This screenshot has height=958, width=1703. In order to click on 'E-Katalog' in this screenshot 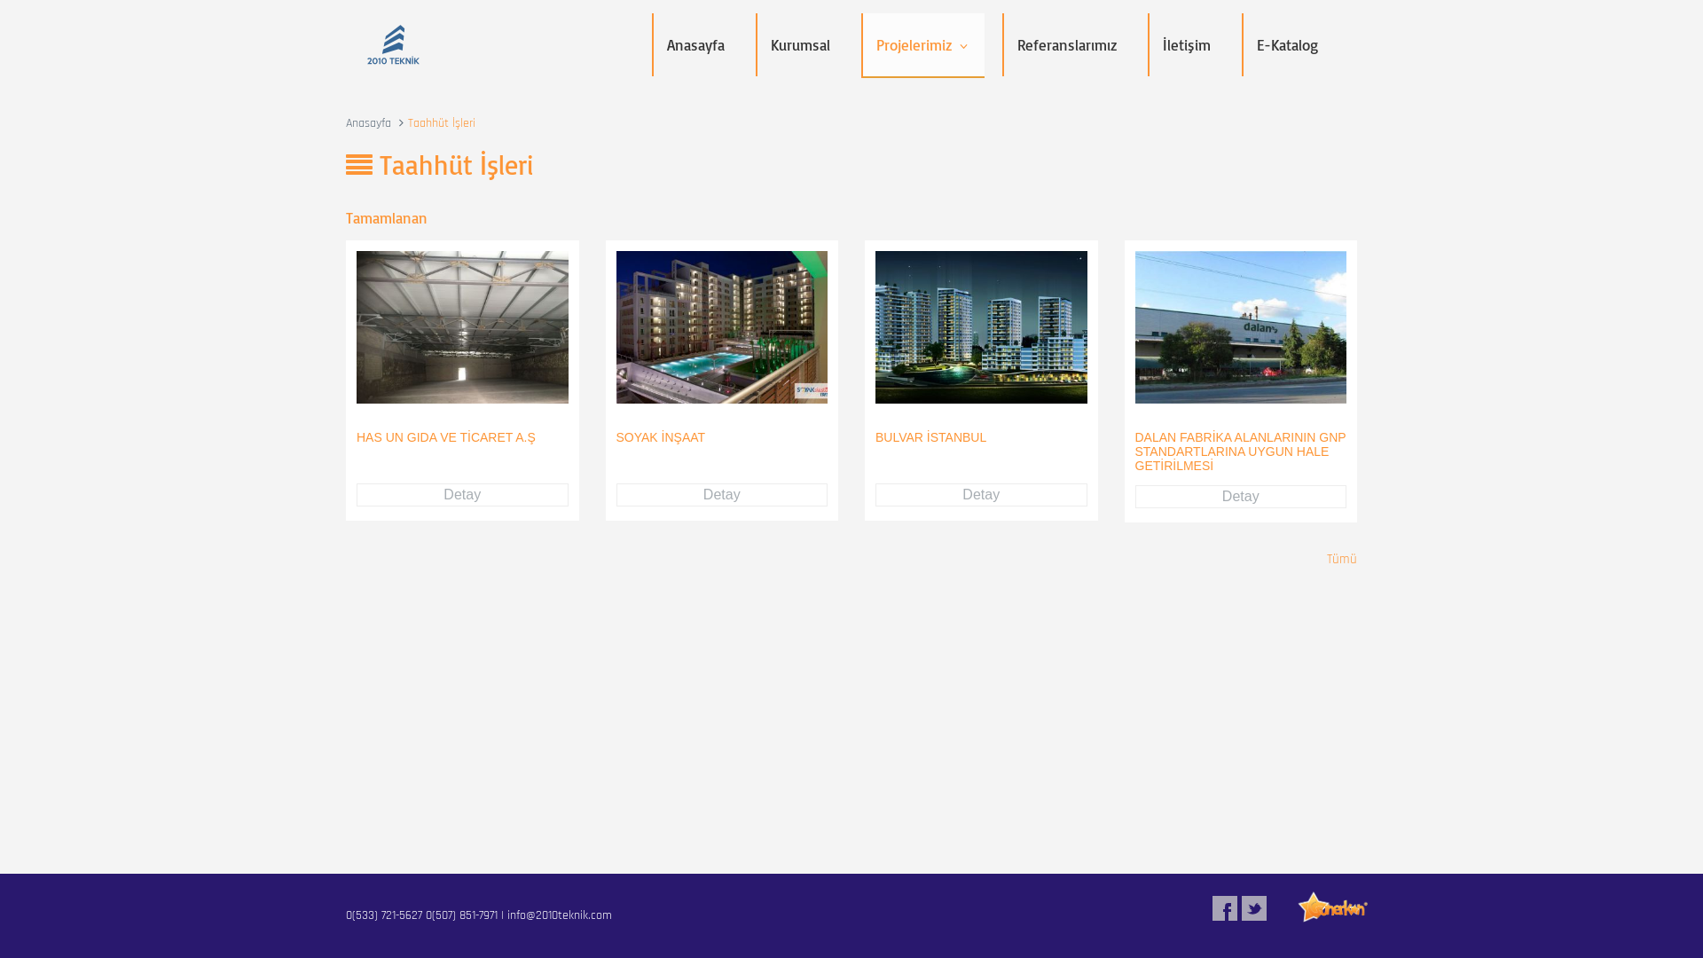, I will do `click(1287, 43)`.